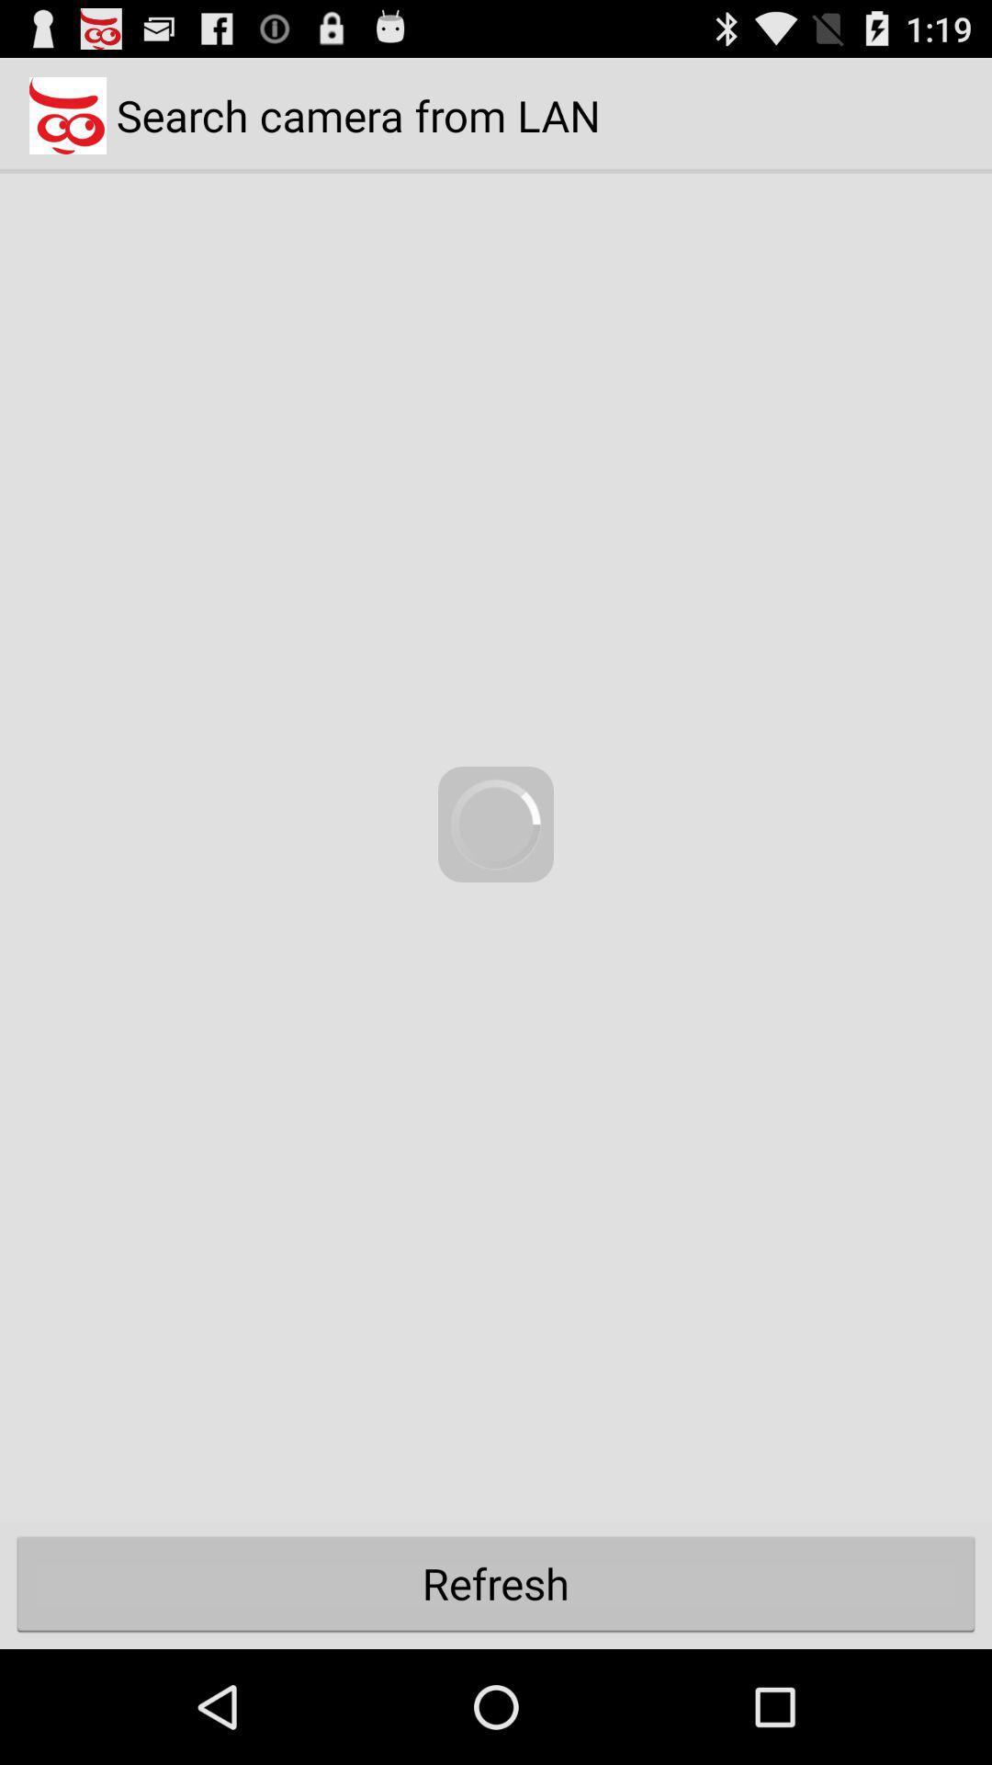 Image resolution: width=992 pixels, height=1765 pixels. Describe the element at coordinates (496, 1582) in the screenshot. I see `the refresh button` at that location.